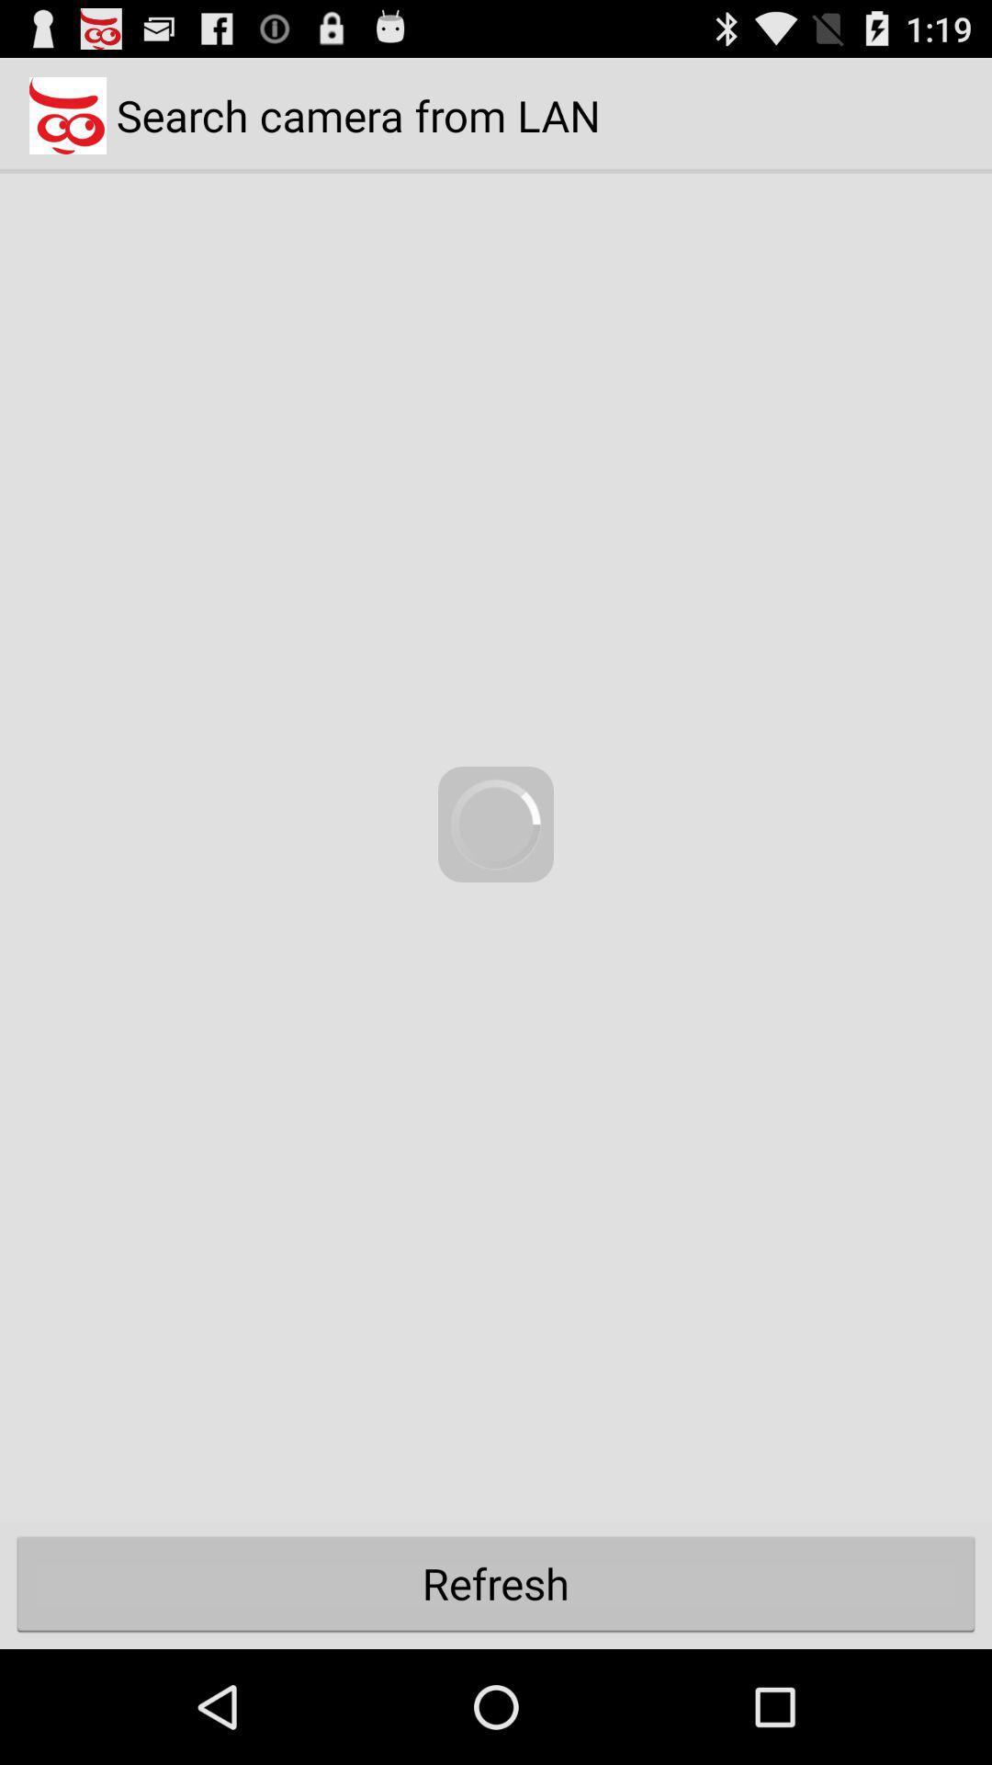 Image resolution: width=992 pixels, height=1765 pixels. Describe the element at coordinates (496, 1582) in the screenshot. I see `the refresh button` at that location.